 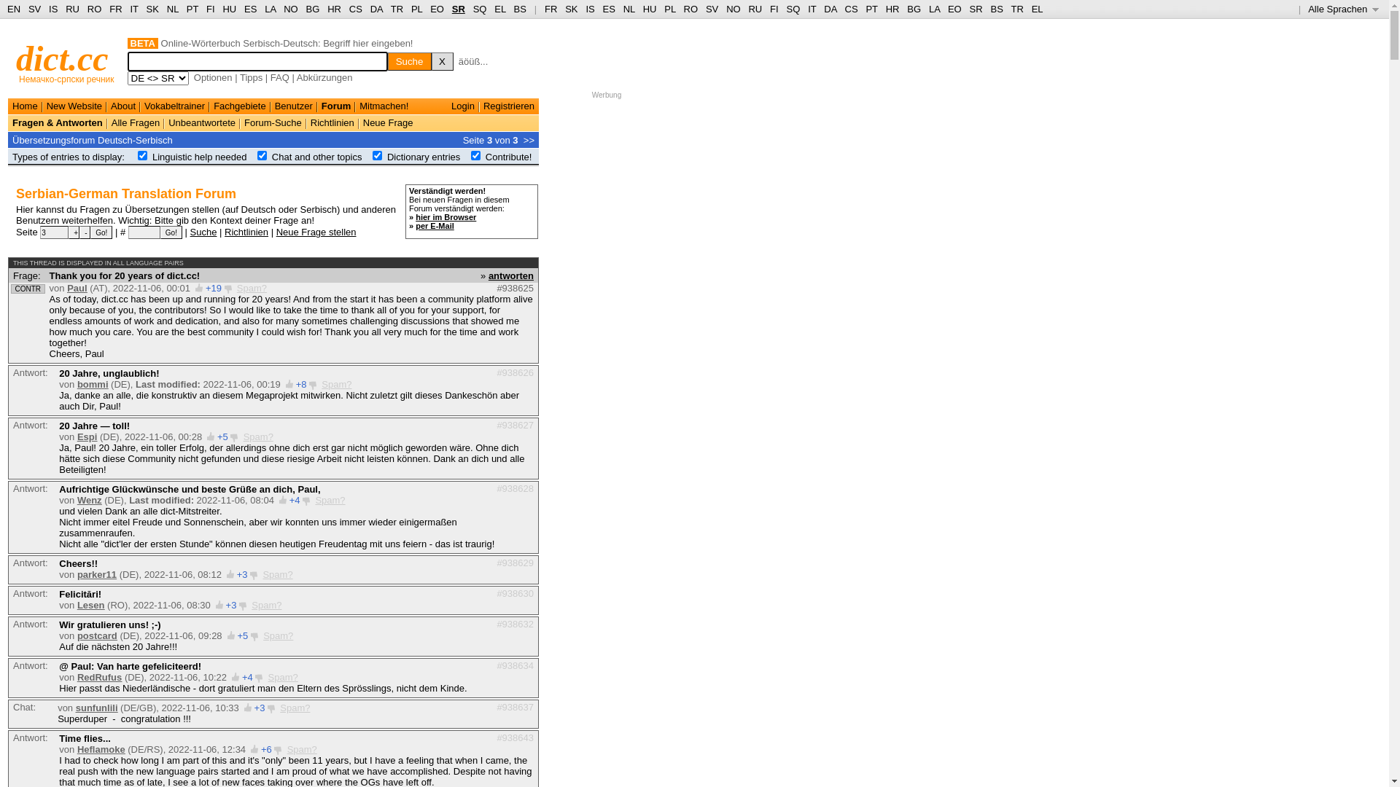 I want to click on 'NO', so click(x=290, y=9).